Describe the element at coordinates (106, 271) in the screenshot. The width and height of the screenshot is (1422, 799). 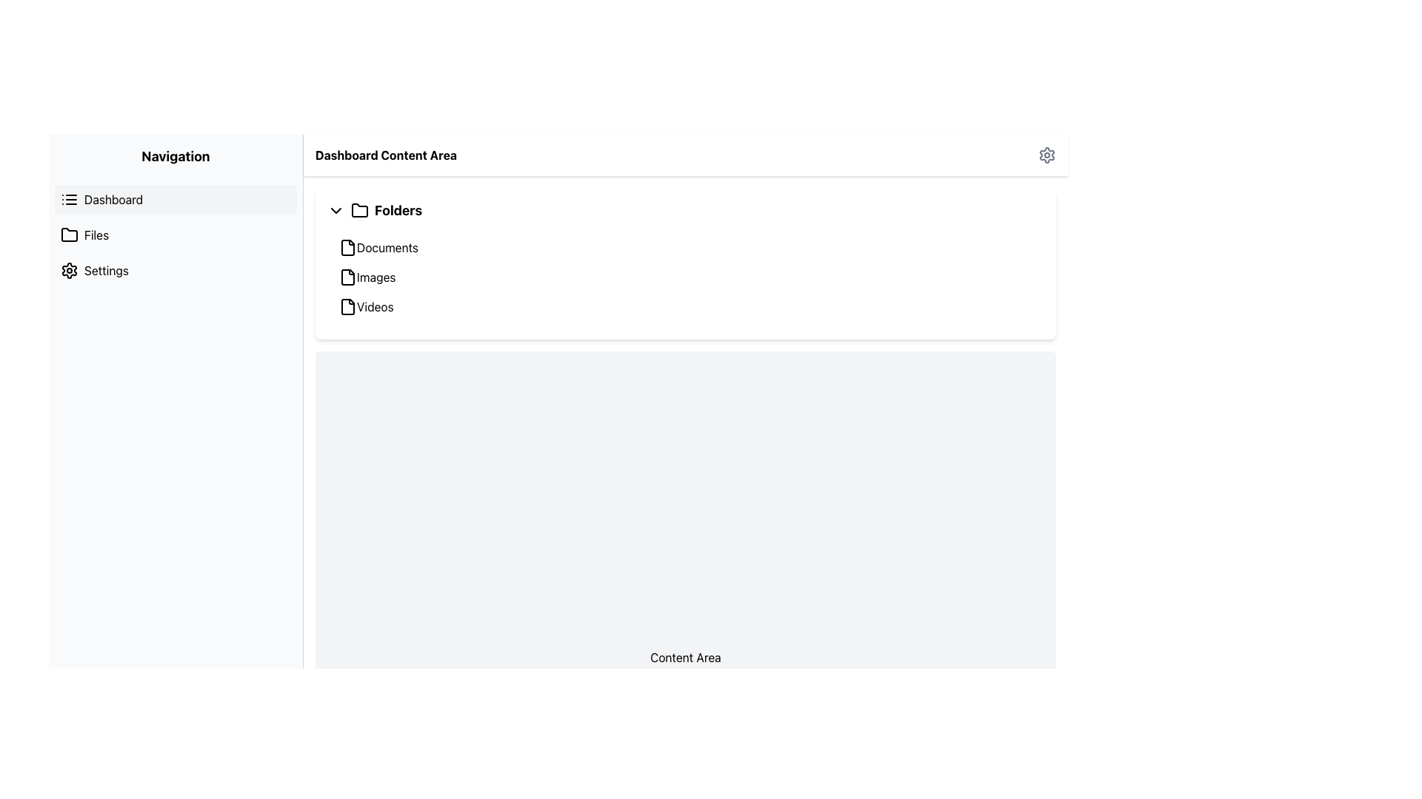
I see `the third text label in the navigation sidebar, which likely represents a navigational link for settings` at that location.